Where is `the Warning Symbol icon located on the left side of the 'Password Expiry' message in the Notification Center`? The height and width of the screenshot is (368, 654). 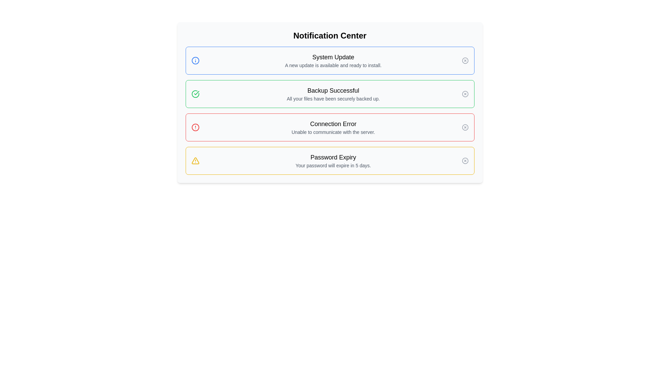
the Warning Symbol icon located on the left side of the 'Password Expiry' message in the Notification Center is located at coordinates (195, 160).